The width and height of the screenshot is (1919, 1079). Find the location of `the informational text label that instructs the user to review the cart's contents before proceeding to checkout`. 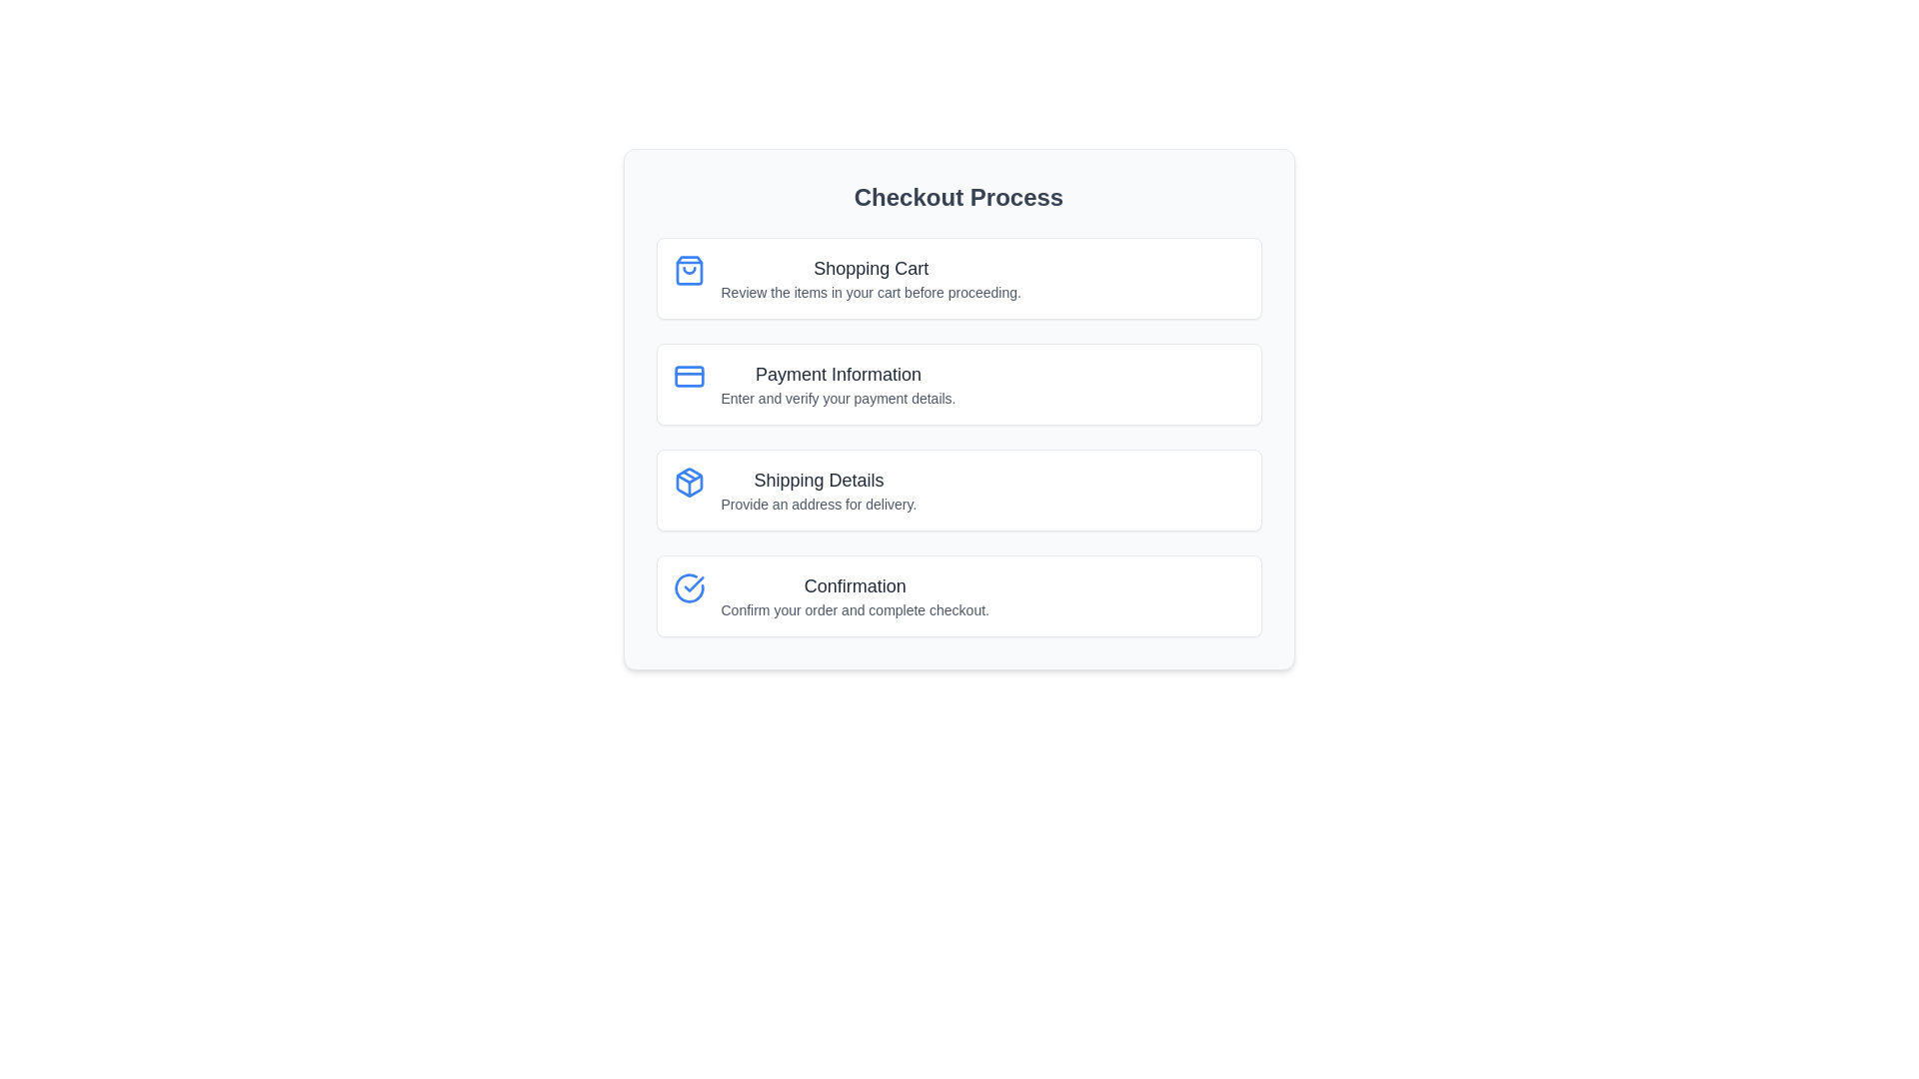

the informational text label that instructs the user to review the cart's contents before proceeding to checkout is located at coordinates (871, 293).